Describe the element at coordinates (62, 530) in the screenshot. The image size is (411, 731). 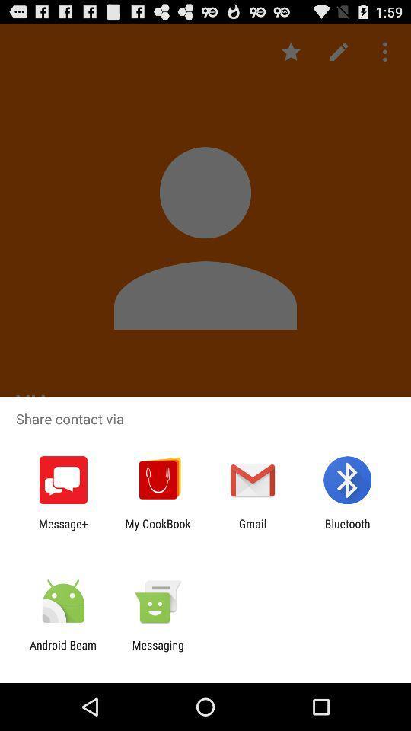
I see `the message+ item` at that location.